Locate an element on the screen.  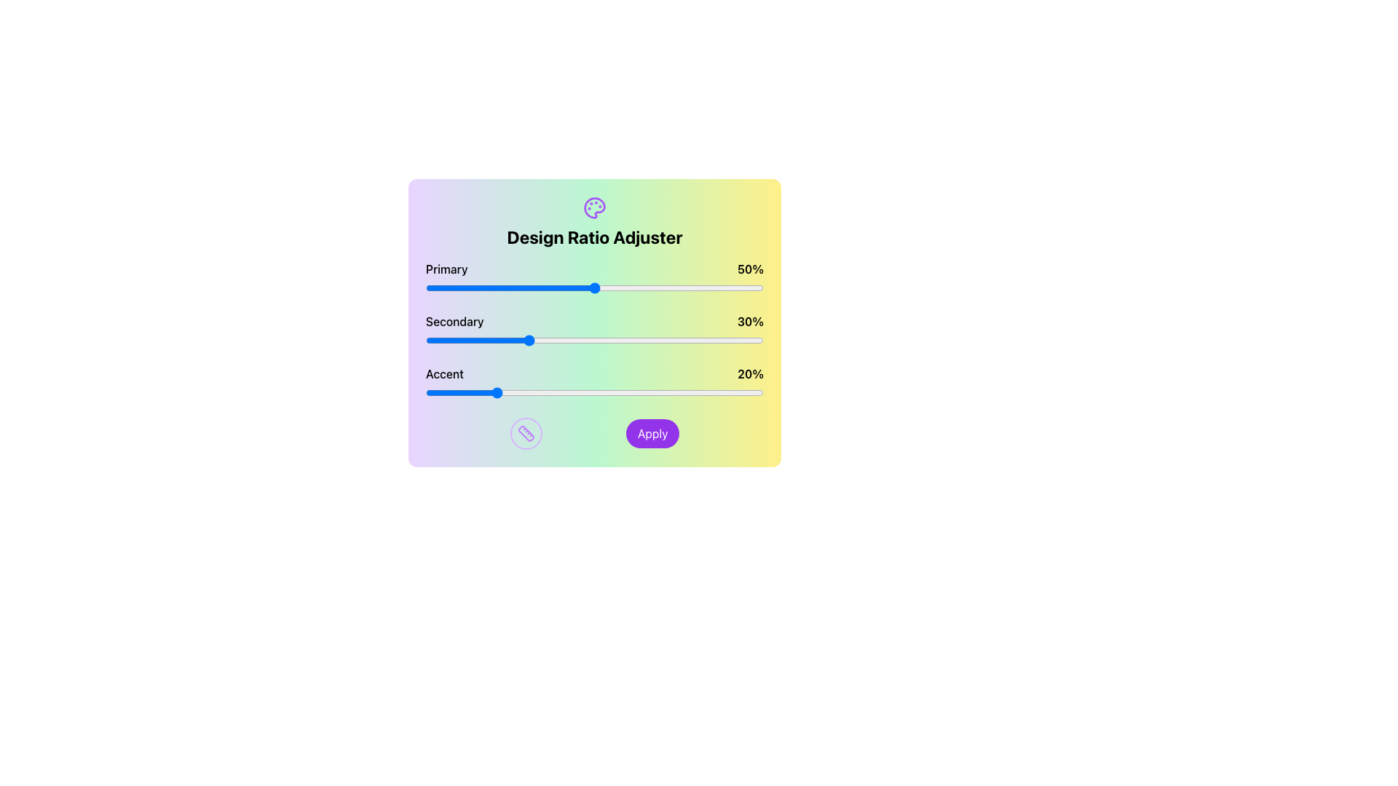
the accent ratio is located at coordinates (435, 393).